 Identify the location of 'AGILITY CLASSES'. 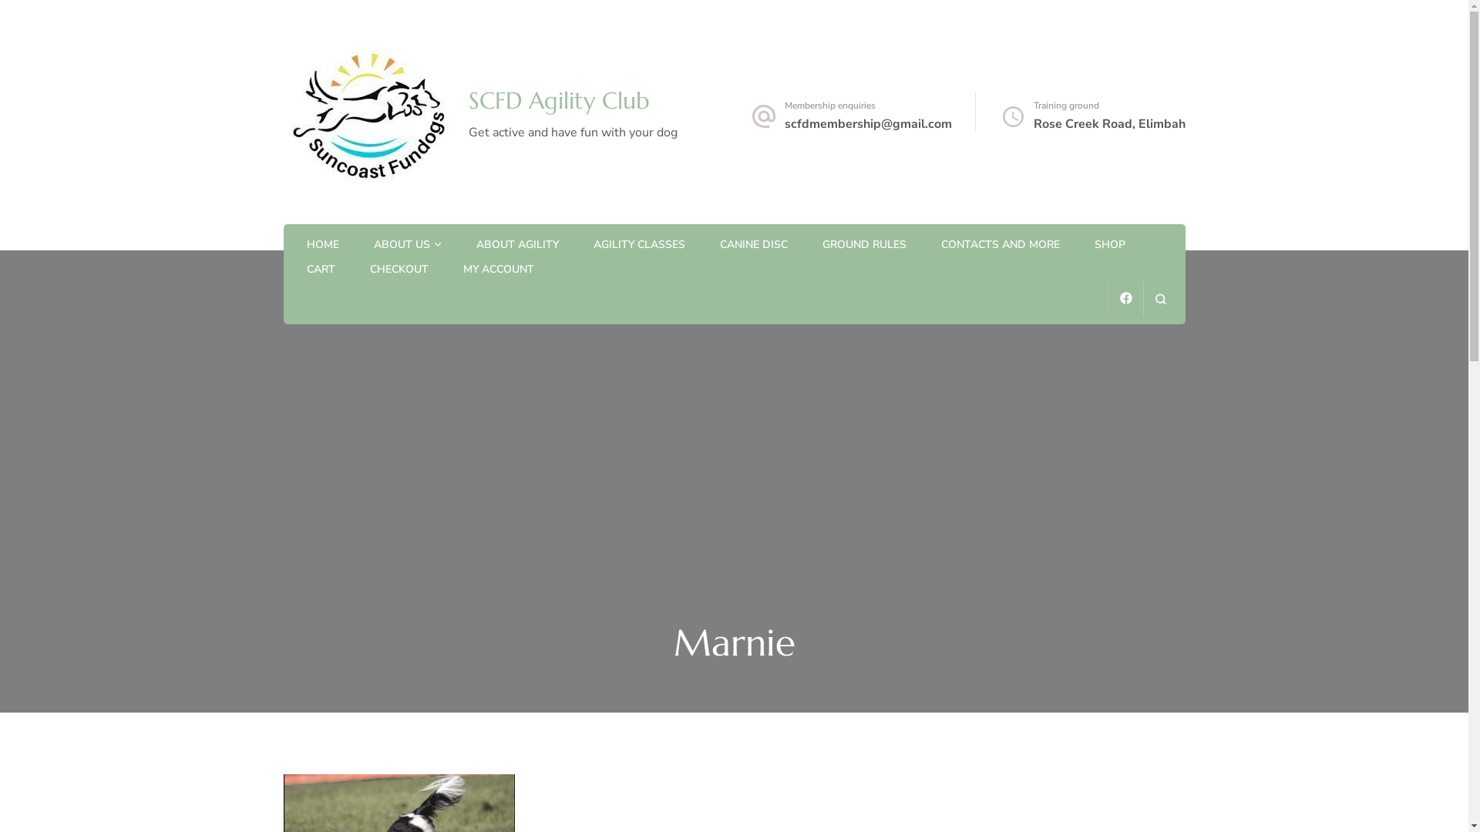
(639, 245).